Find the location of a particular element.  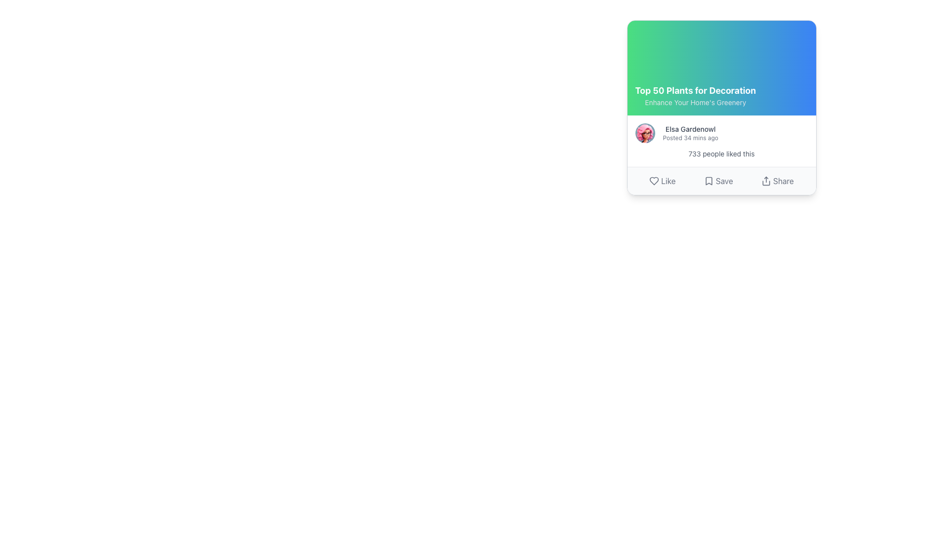

the 'Like' button located at the bottom left of the card is located at coordinates (662, 181).